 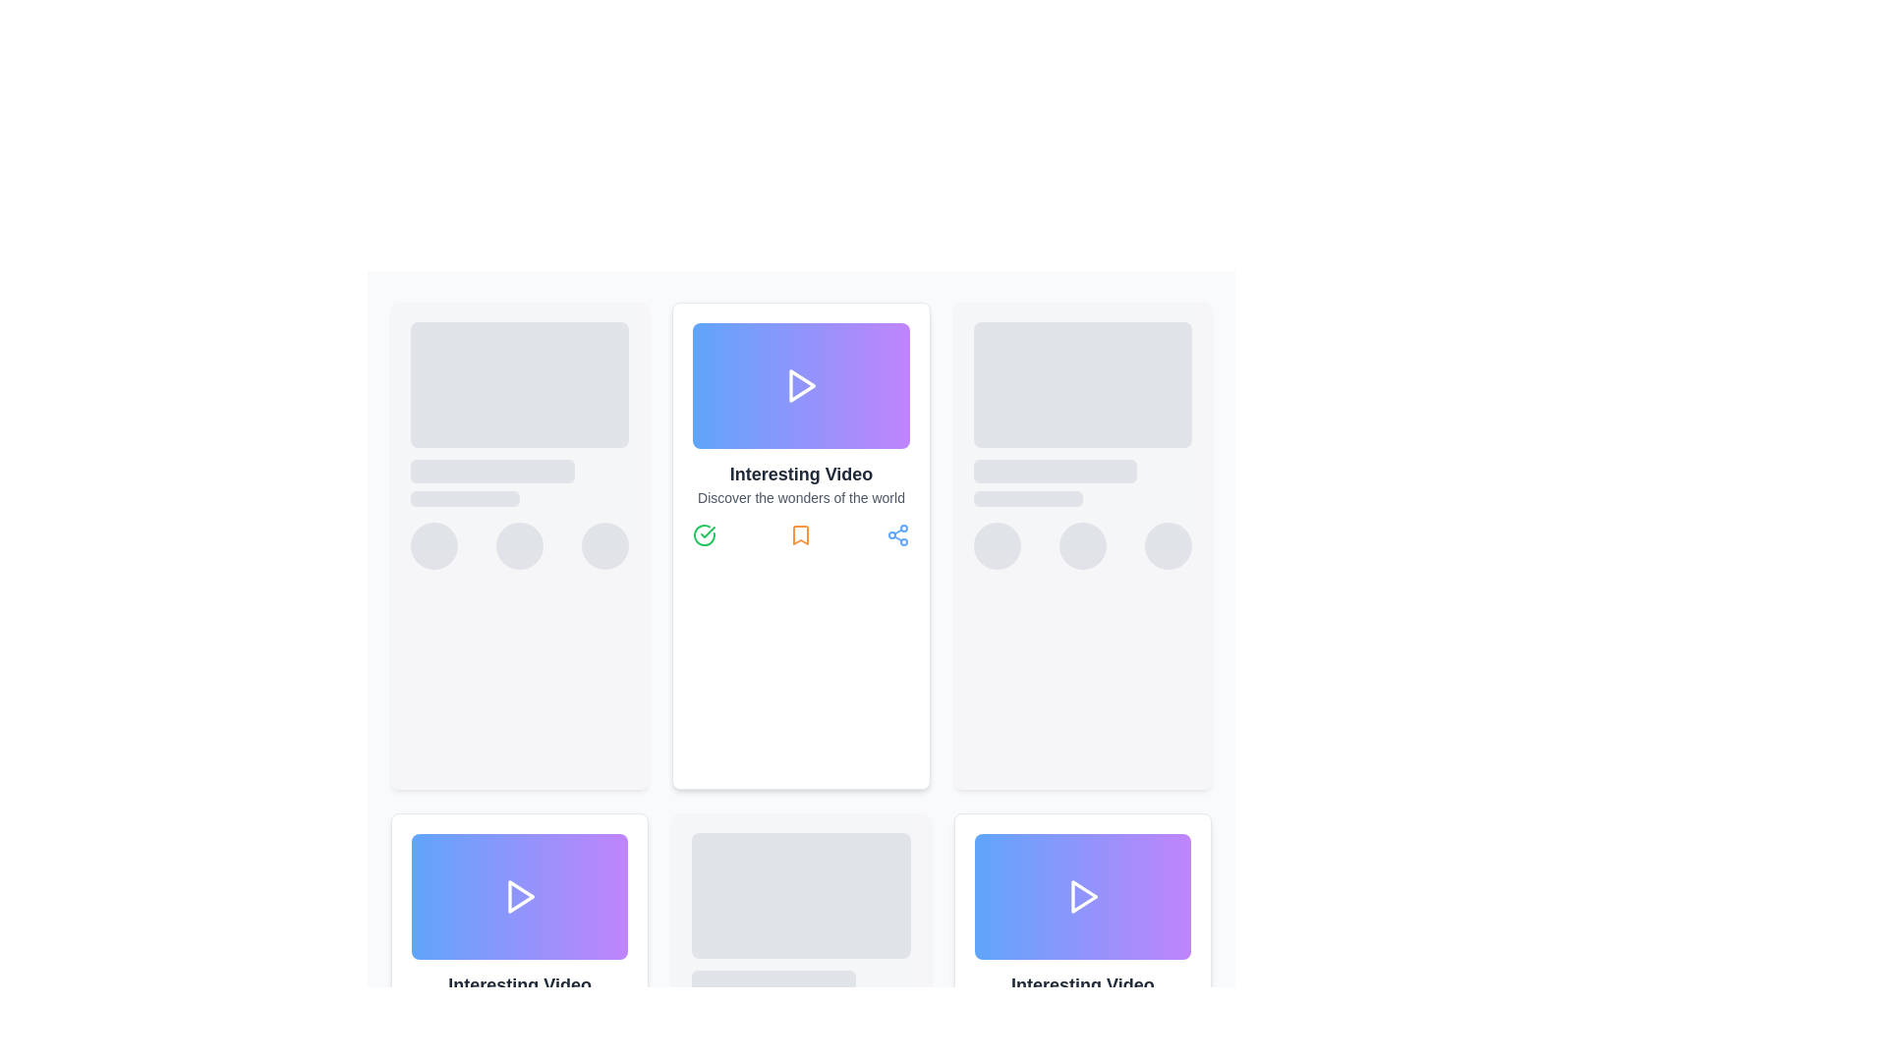 What do you see at coordinates (708, 532) in the screenshot?
I see `the decorative status indicator icon (SVG) located below the title text 'Interesting Video' within the content card layout, which signifies a verified or completed state` at bounding box center [708, 532].